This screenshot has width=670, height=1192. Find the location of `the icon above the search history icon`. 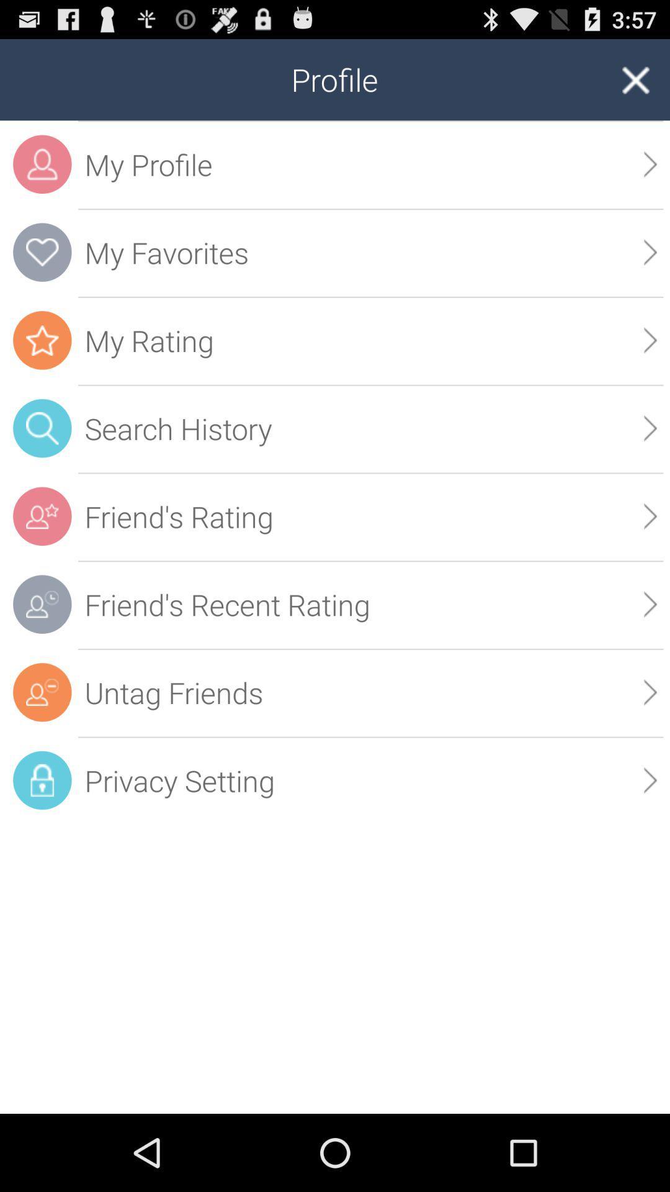

the icon above the search history icon is located at coordinates (650, 340).